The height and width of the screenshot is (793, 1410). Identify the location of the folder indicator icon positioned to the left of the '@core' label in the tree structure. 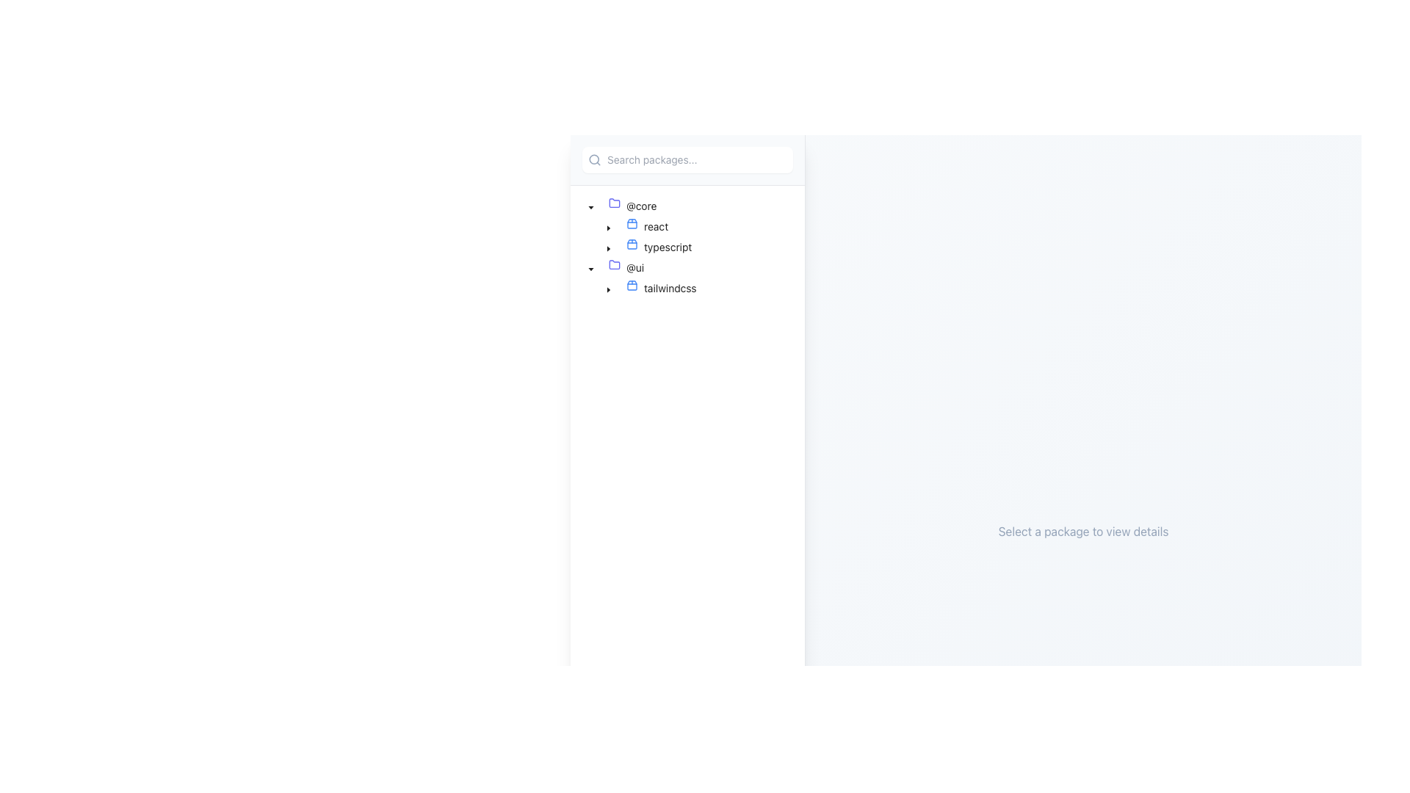
(617, 206).